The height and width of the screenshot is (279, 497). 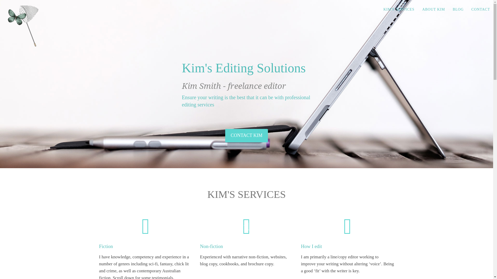 I want to click on 'KIM'S SERVICES', so click(x=379, y=10).